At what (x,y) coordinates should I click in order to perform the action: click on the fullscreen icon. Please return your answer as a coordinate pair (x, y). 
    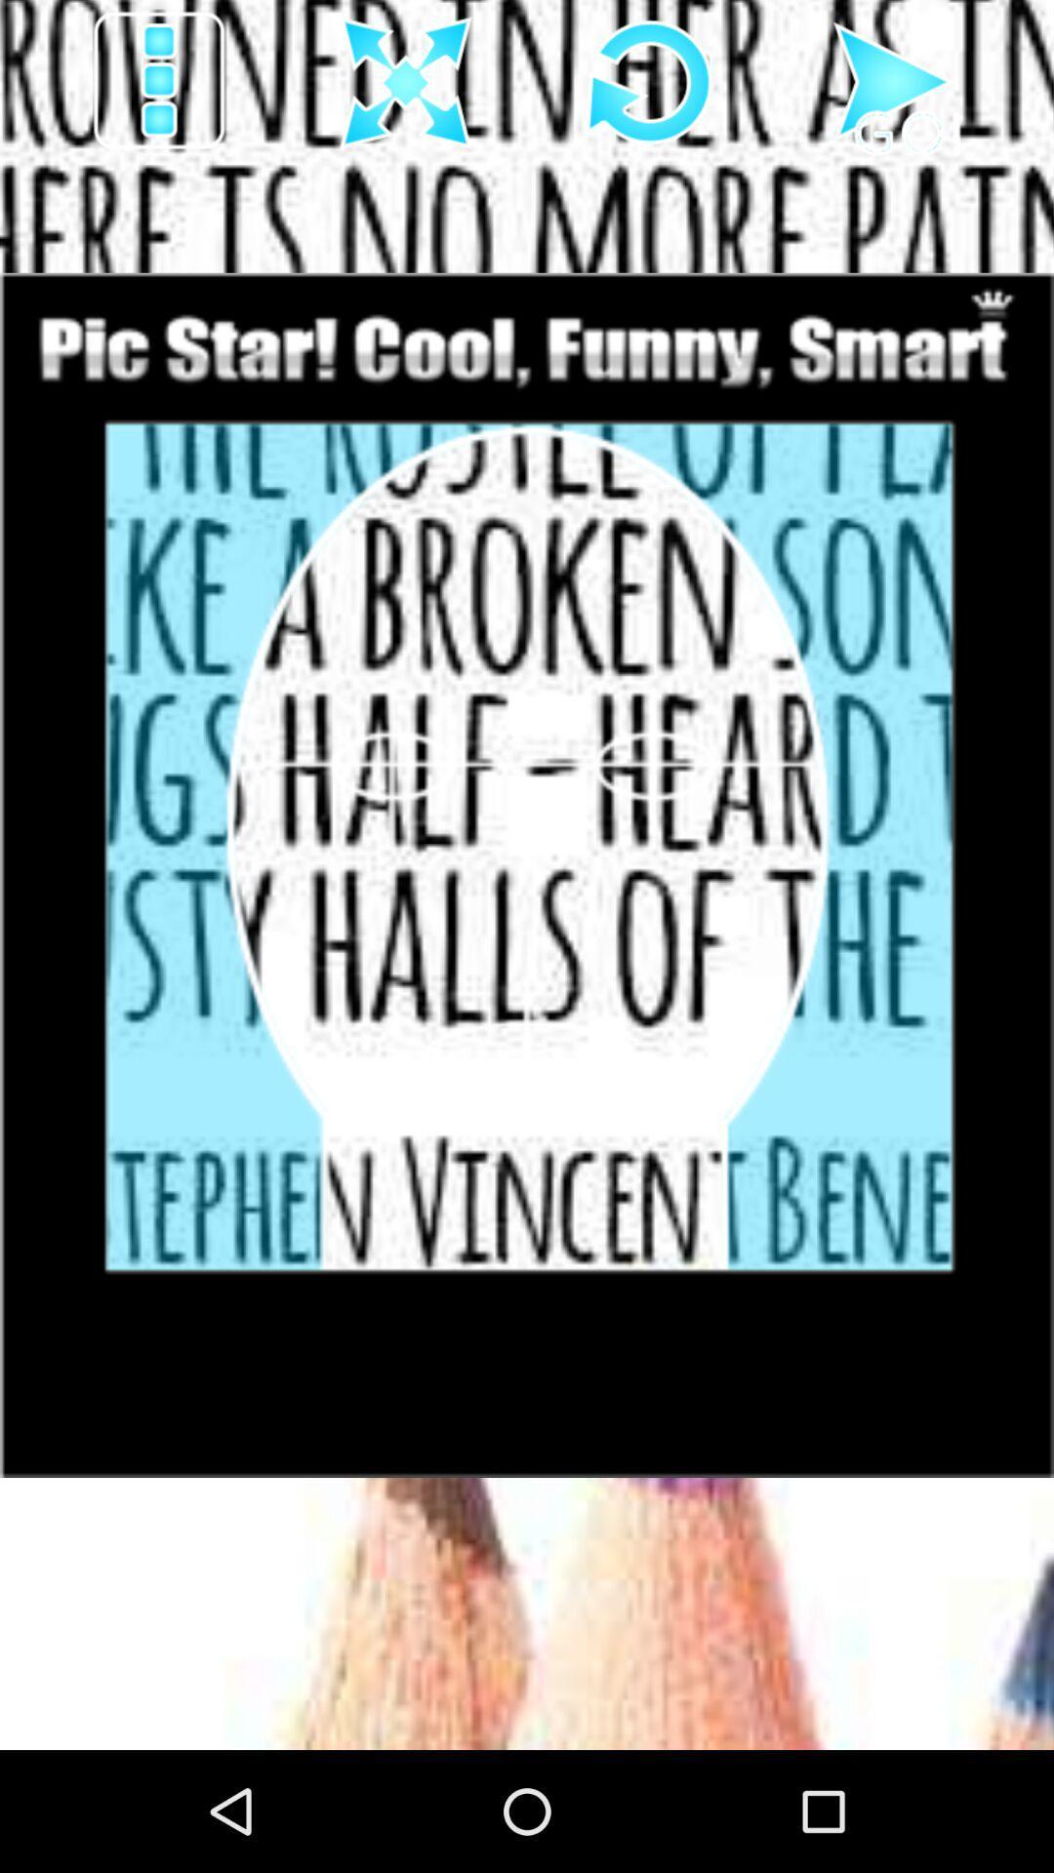
    Looking at the image, I should click on (405, 88).